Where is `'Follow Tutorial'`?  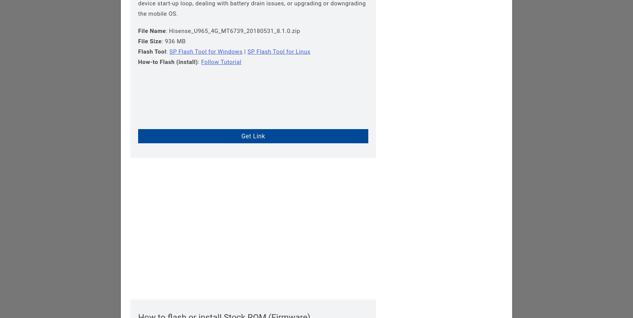
'Follow Tutorial' is located at coordinates (221, 62).